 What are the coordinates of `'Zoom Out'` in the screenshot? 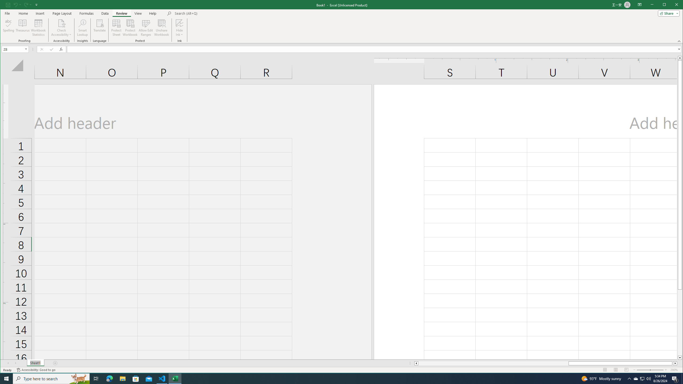 It's located at (647, 370).